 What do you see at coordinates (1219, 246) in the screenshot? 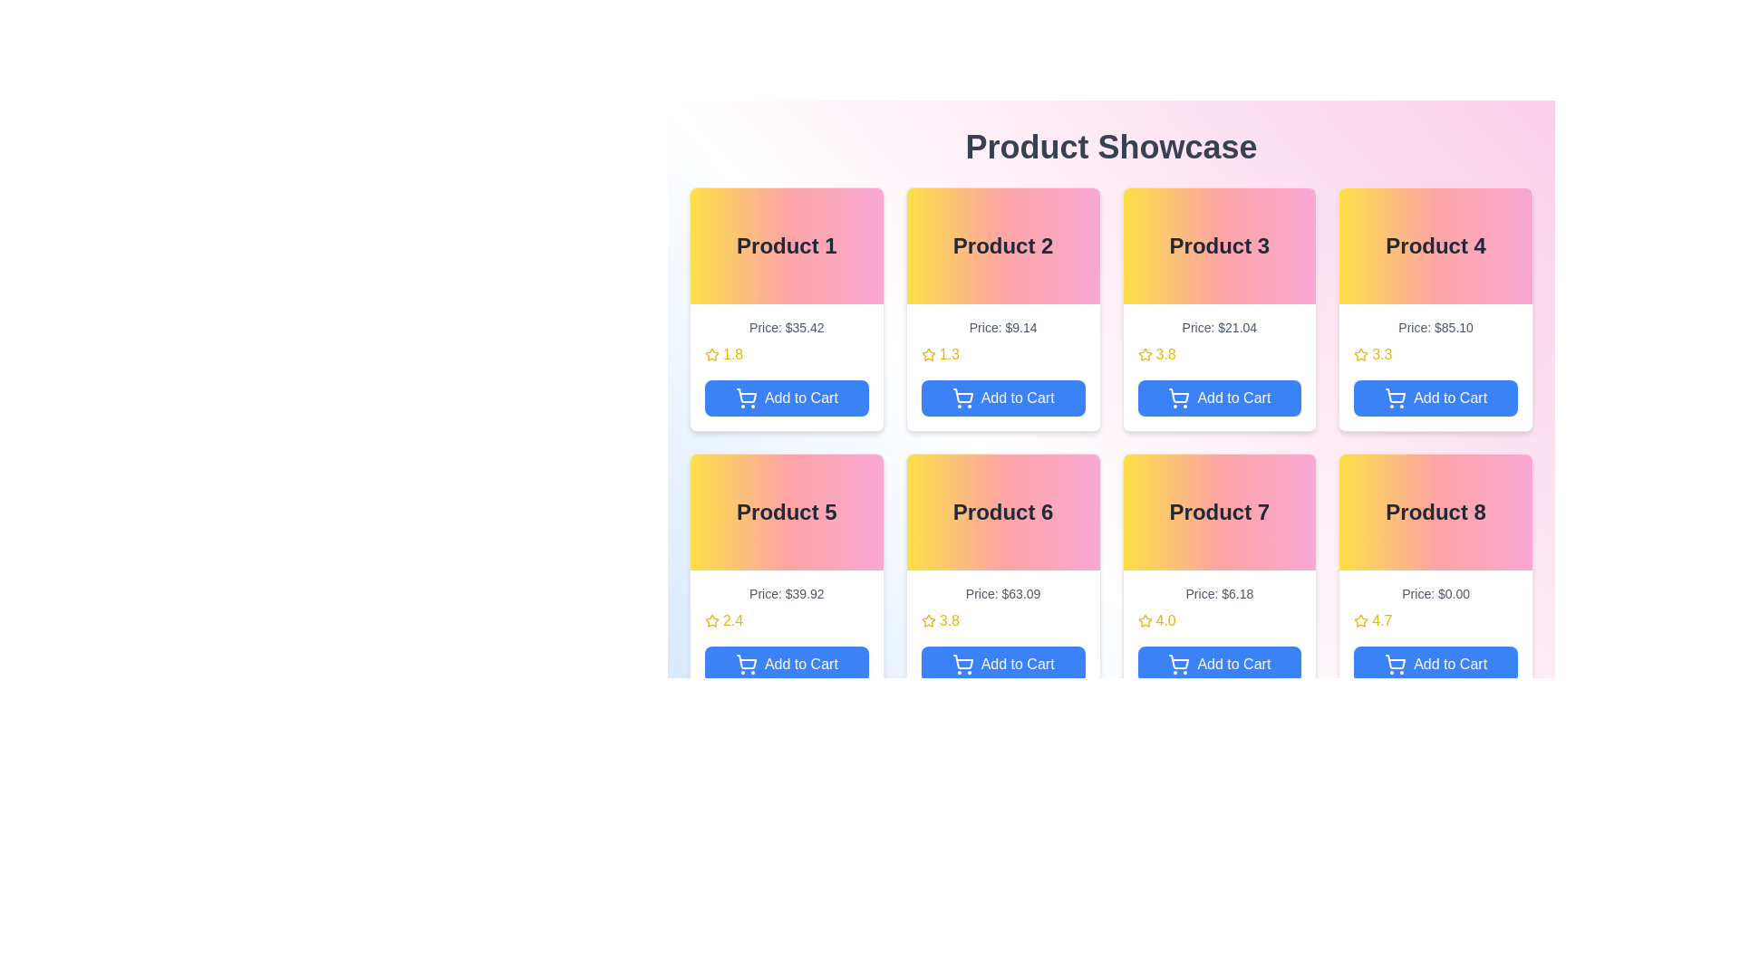
I see `the text label displaying 'Product 3' in bold gray font, centrally aligned in the first row of a grid layout with a gradient background` at bounding box center [1219, 246].